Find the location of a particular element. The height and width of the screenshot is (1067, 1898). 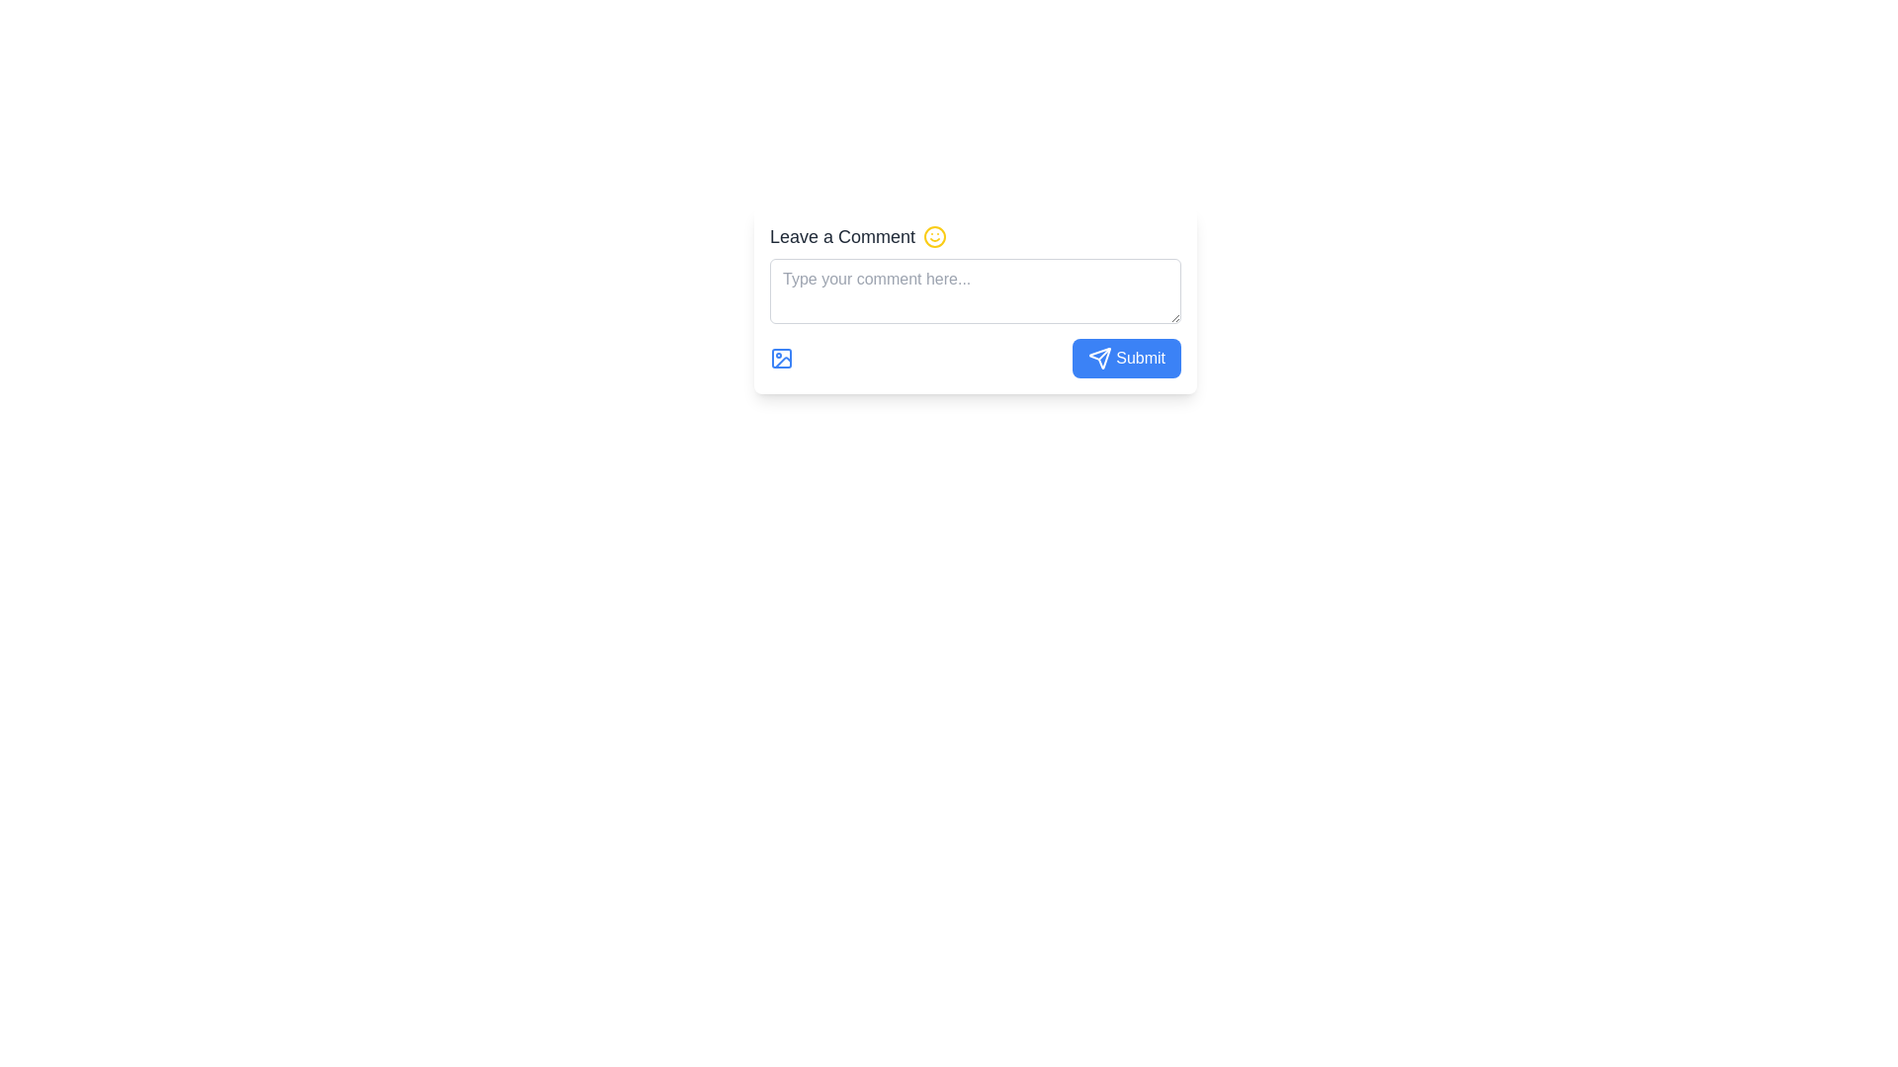

the visual indicator icon for the 'Submit' action located to the left of the textual 'Submit' within the blue button at the bottom-right corner of the comment form is located at coordinates (1099, 358).